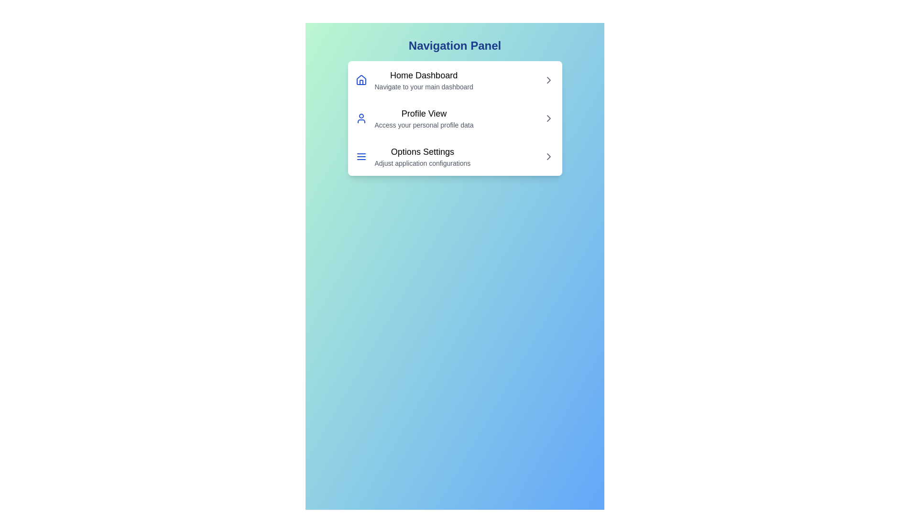 The width and height of the screenshot is (918, 516). Describe the element at coordinates (454, 46) in the screenshot. I see `the header text area to inspect its content` at that location.